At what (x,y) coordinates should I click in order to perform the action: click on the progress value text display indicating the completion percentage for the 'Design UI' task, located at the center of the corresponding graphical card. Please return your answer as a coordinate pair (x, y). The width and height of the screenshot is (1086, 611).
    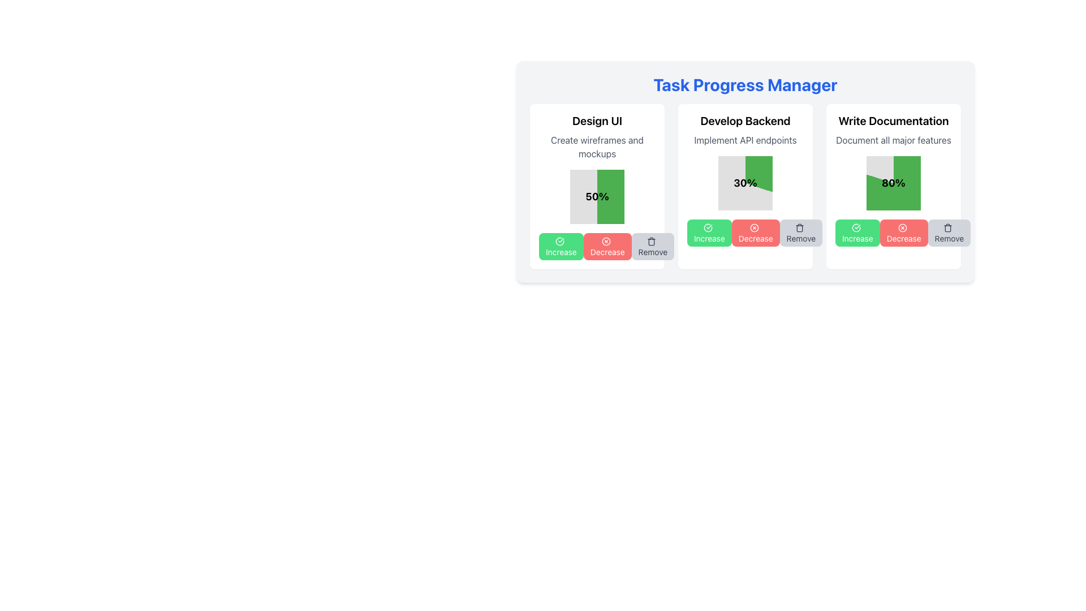
    Looking at the image, I should click on (597, 196).